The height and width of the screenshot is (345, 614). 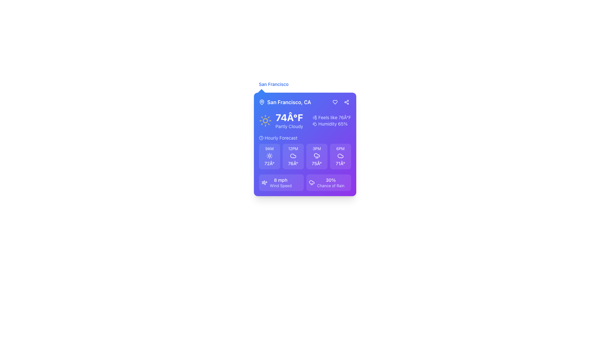 I want to click on the information displayed on the third Weather forecast card in the 'Hourly Forecast' section, which shows hourly weather details including time, an icon, and temperature, so click(x=304, y=156).